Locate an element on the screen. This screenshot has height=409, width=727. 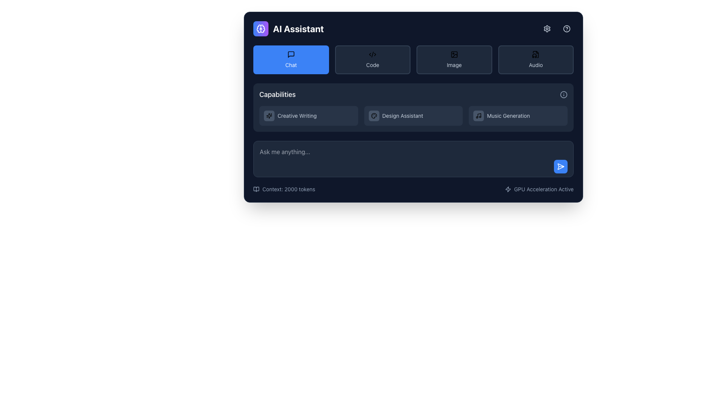
the Interactive help icon located at the top-right corner of the application interface is located at coordinates (567, 28).